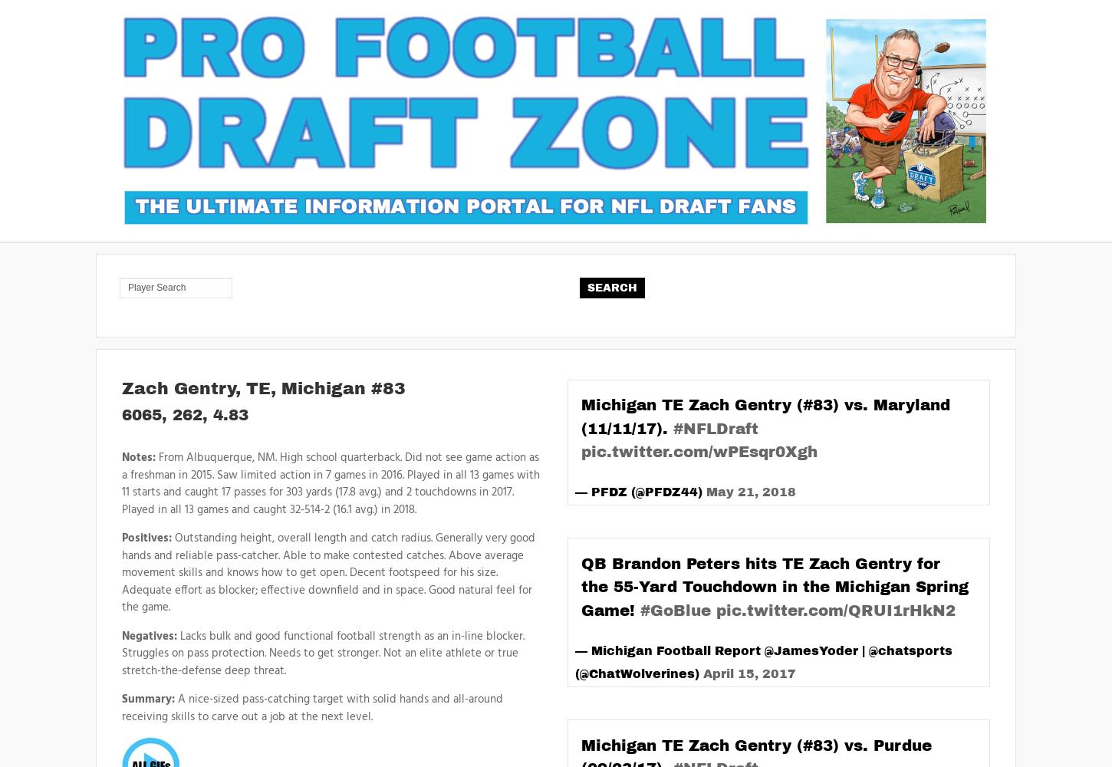 Image resolution: width=1112 pixels, height=767 pixels. I want to click on '6065, 262, 4.83', so click(121, 414).